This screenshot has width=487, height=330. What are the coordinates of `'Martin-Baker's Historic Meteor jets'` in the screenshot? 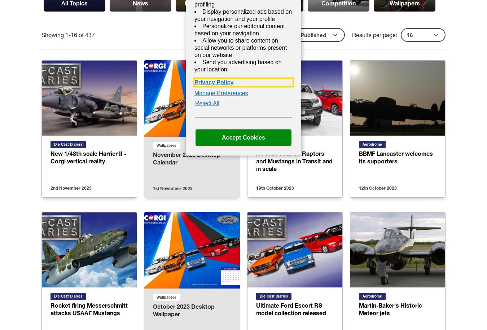 It's located at (390, 309).